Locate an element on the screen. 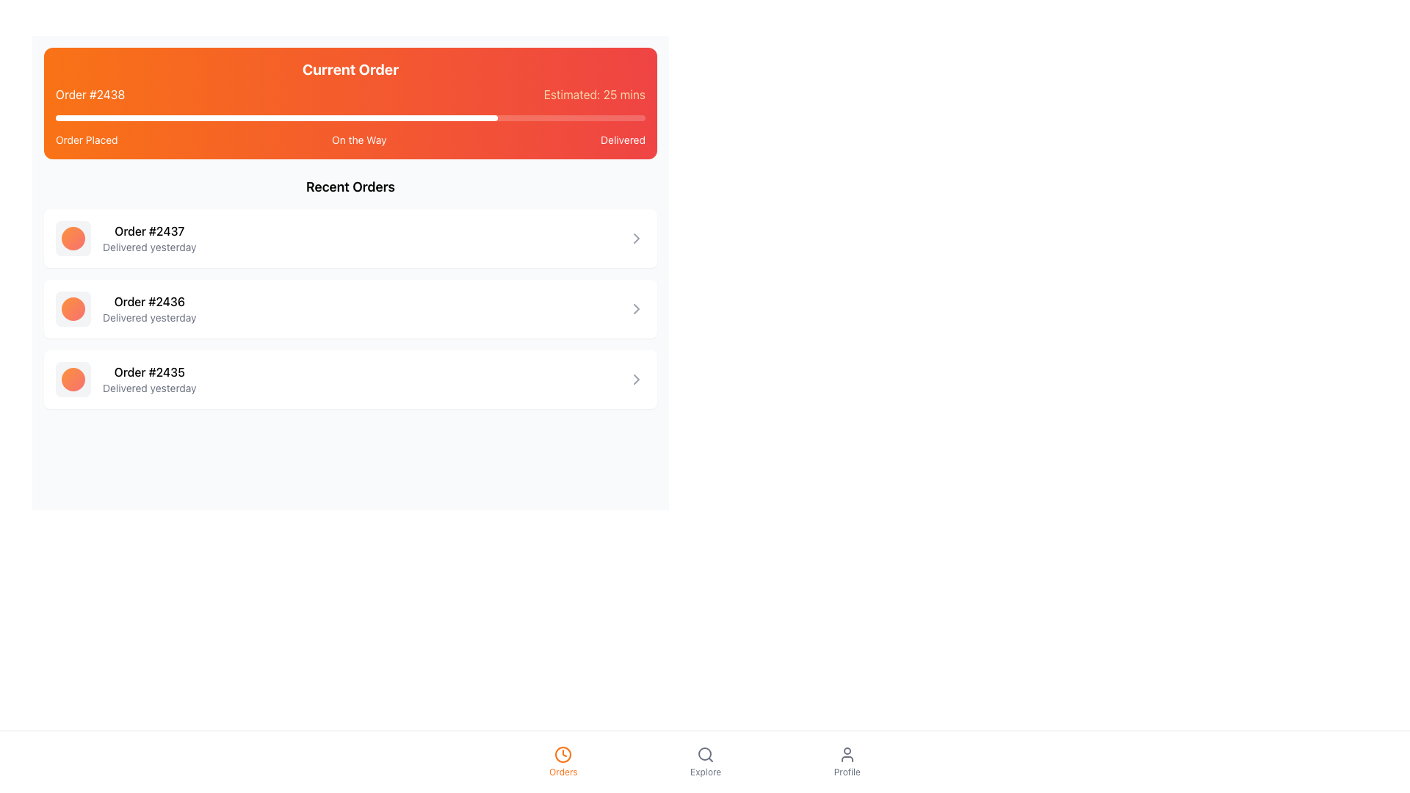  the horizontal progress bar with a white gradient filled section and an orange-red gradient background, located beneath 'Current Order' and above 'Order Placed', 'On the Way', and 'Delivered' is located at coordinates (350, 117).